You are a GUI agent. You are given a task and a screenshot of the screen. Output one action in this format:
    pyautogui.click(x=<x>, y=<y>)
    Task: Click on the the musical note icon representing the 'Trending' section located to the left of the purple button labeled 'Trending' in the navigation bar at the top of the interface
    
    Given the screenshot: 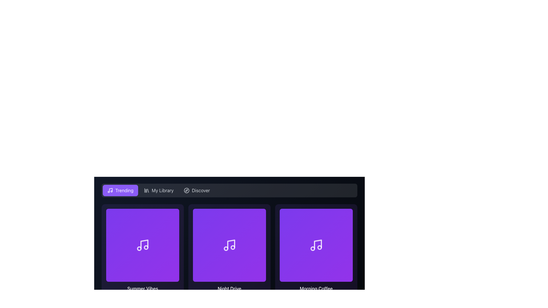 What is the action you would take?
    pyautogui.click(x=110, y=190)
    